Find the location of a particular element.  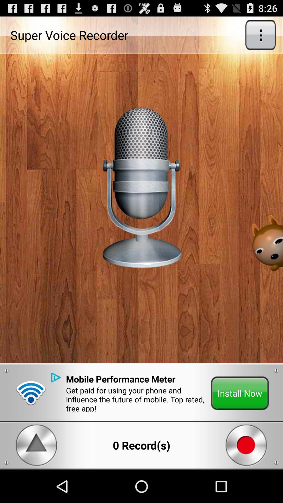

the green button which is bottom right side of the page is located at coordinates (240, 393).